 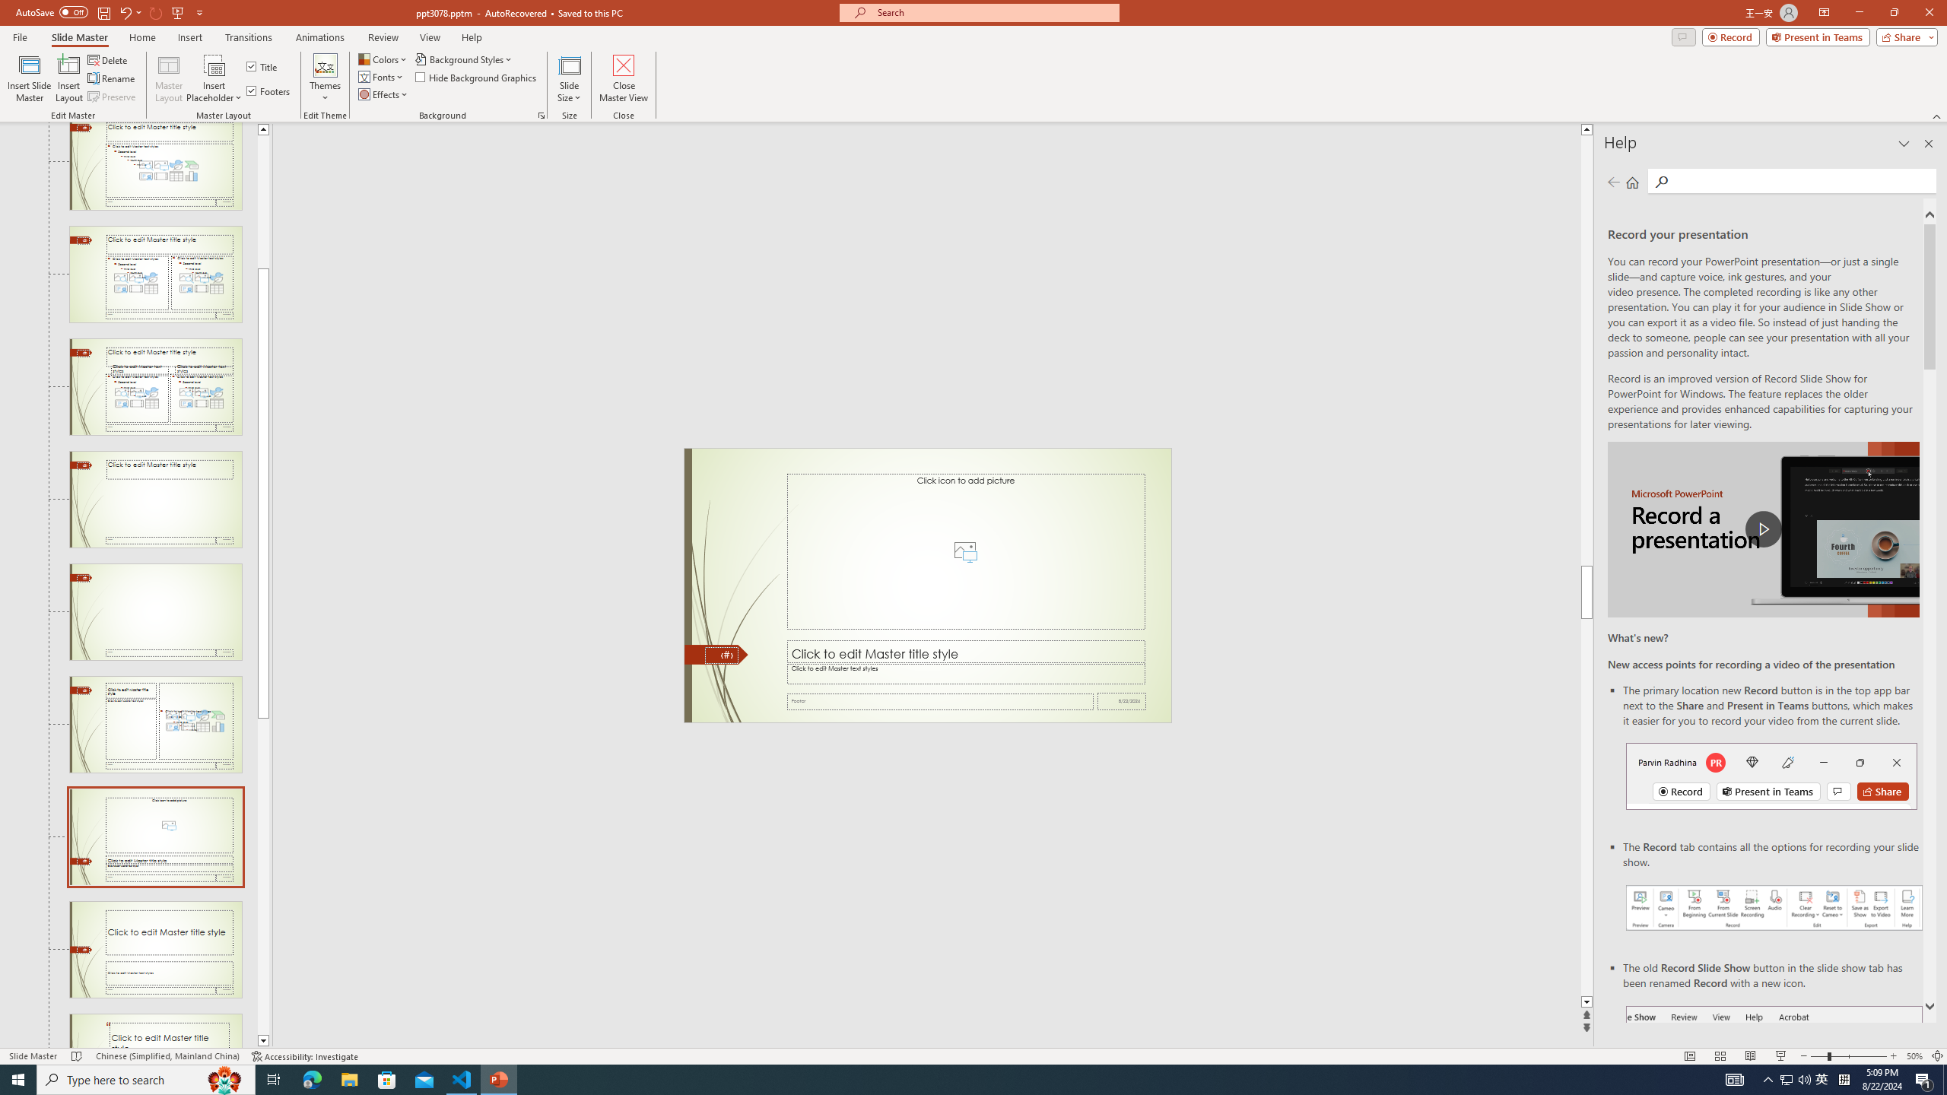 I want to click on 'Slide Master', so click(x=78, y=37).